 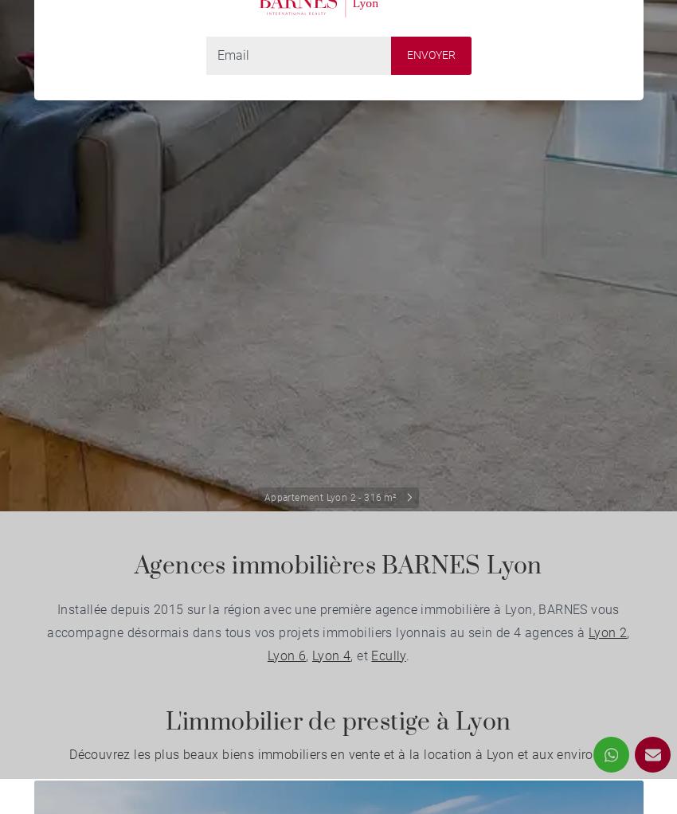 What do you see at coordinates (338, 566) in the screenshot?
I see `'Agences immobilières BARNES Lyon'` at bounding box center [338, 566].